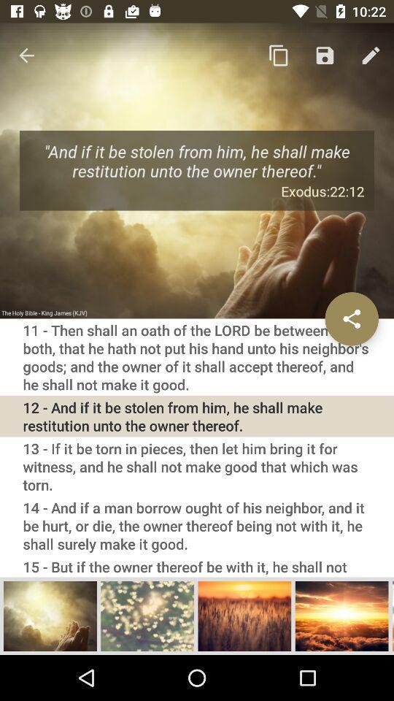 This screenshot has height=701, width=394. I want to click on share icon, so click(351, 318).